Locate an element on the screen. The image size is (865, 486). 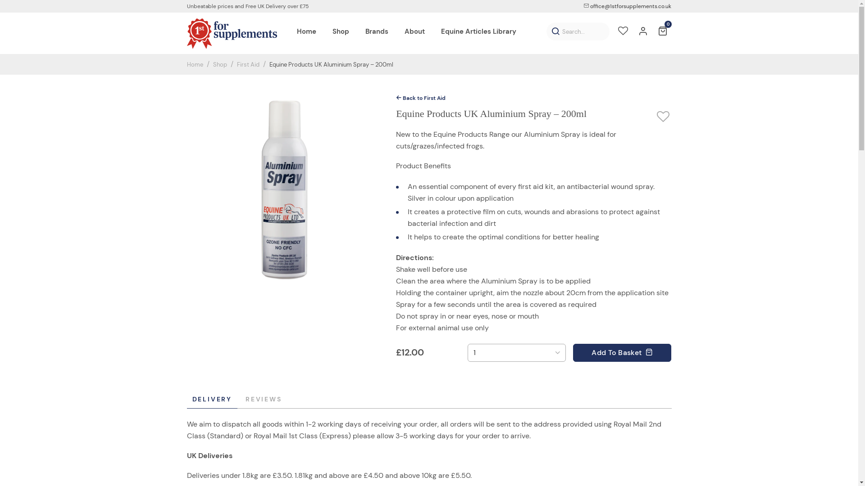
'office@1stforsupplements.co.uk' is located at coordinates (627, 6).